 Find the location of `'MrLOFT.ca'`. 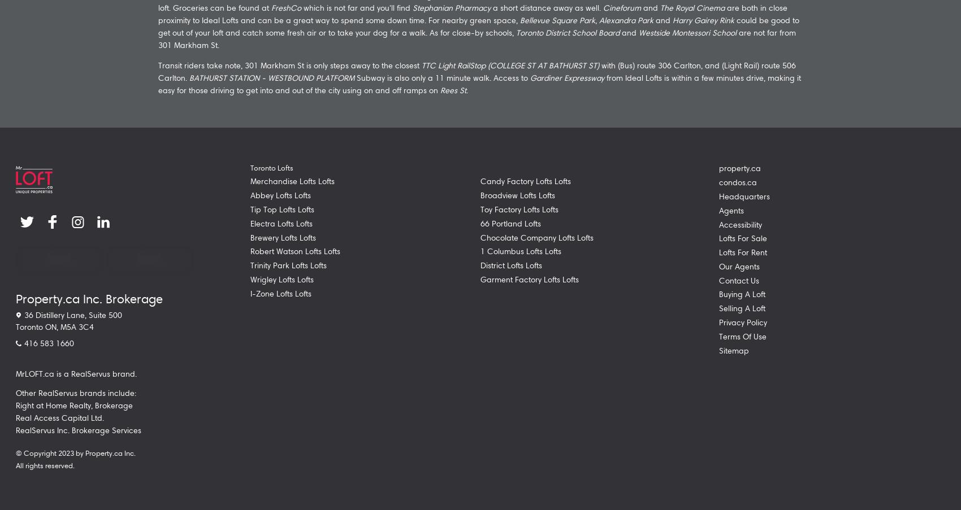

'MrLOFT.ca' is located at coordinates (35, 372).